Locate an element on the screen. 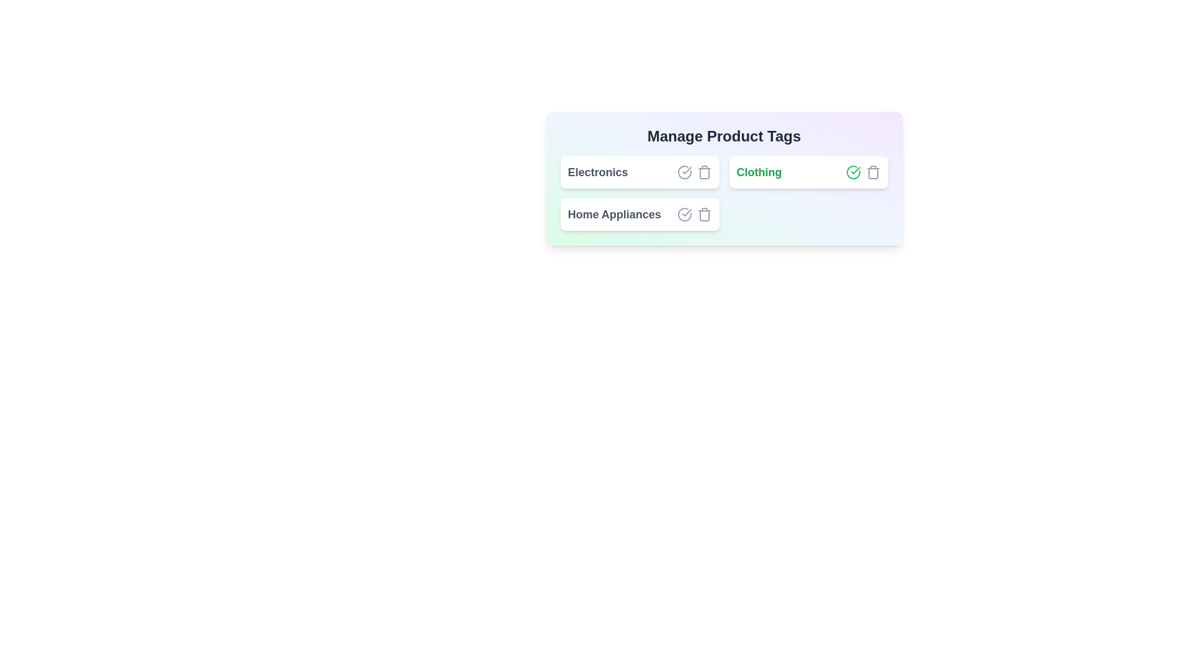  delete button for the tag Clothing is located at coordinates (872, 172).